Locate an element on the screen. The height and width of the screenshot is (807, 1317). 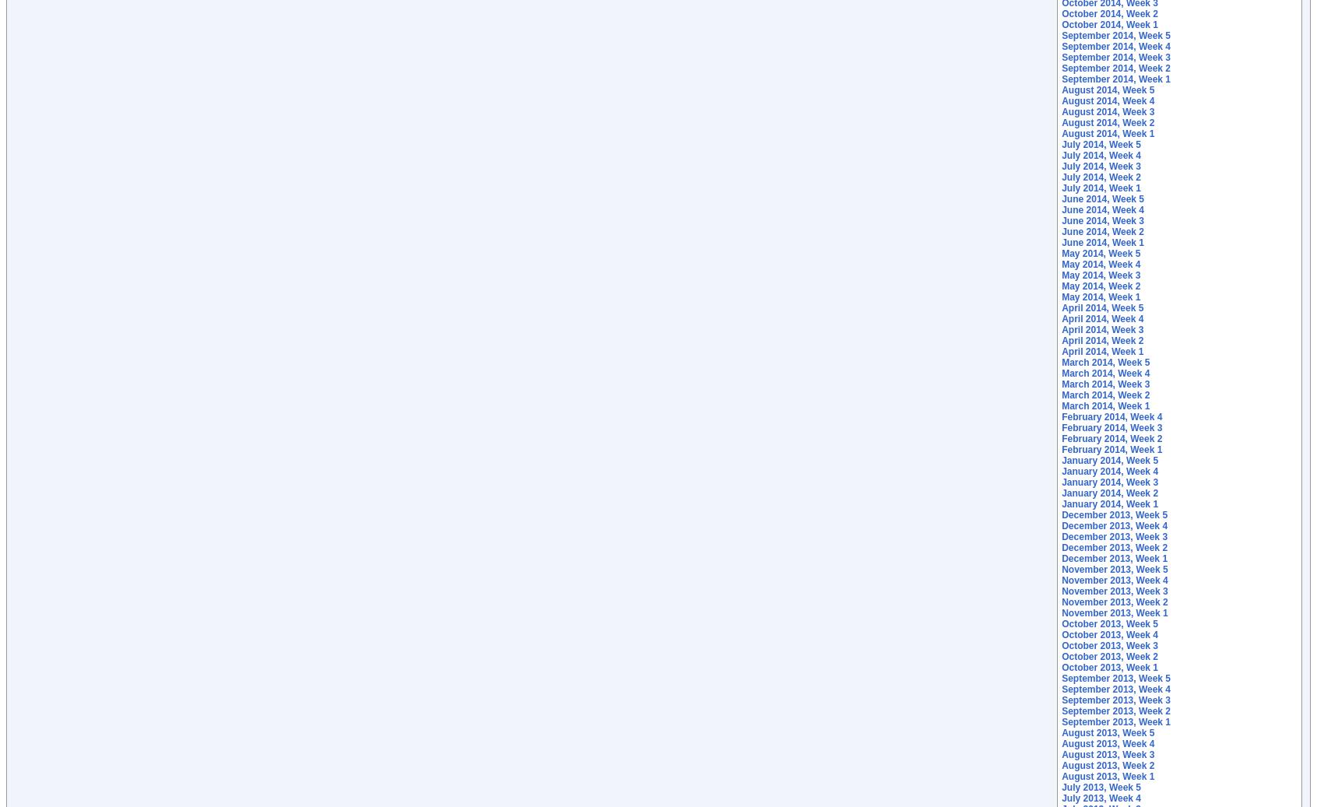
'June 2014, Week 3' is located at coordinates (1102, 220).